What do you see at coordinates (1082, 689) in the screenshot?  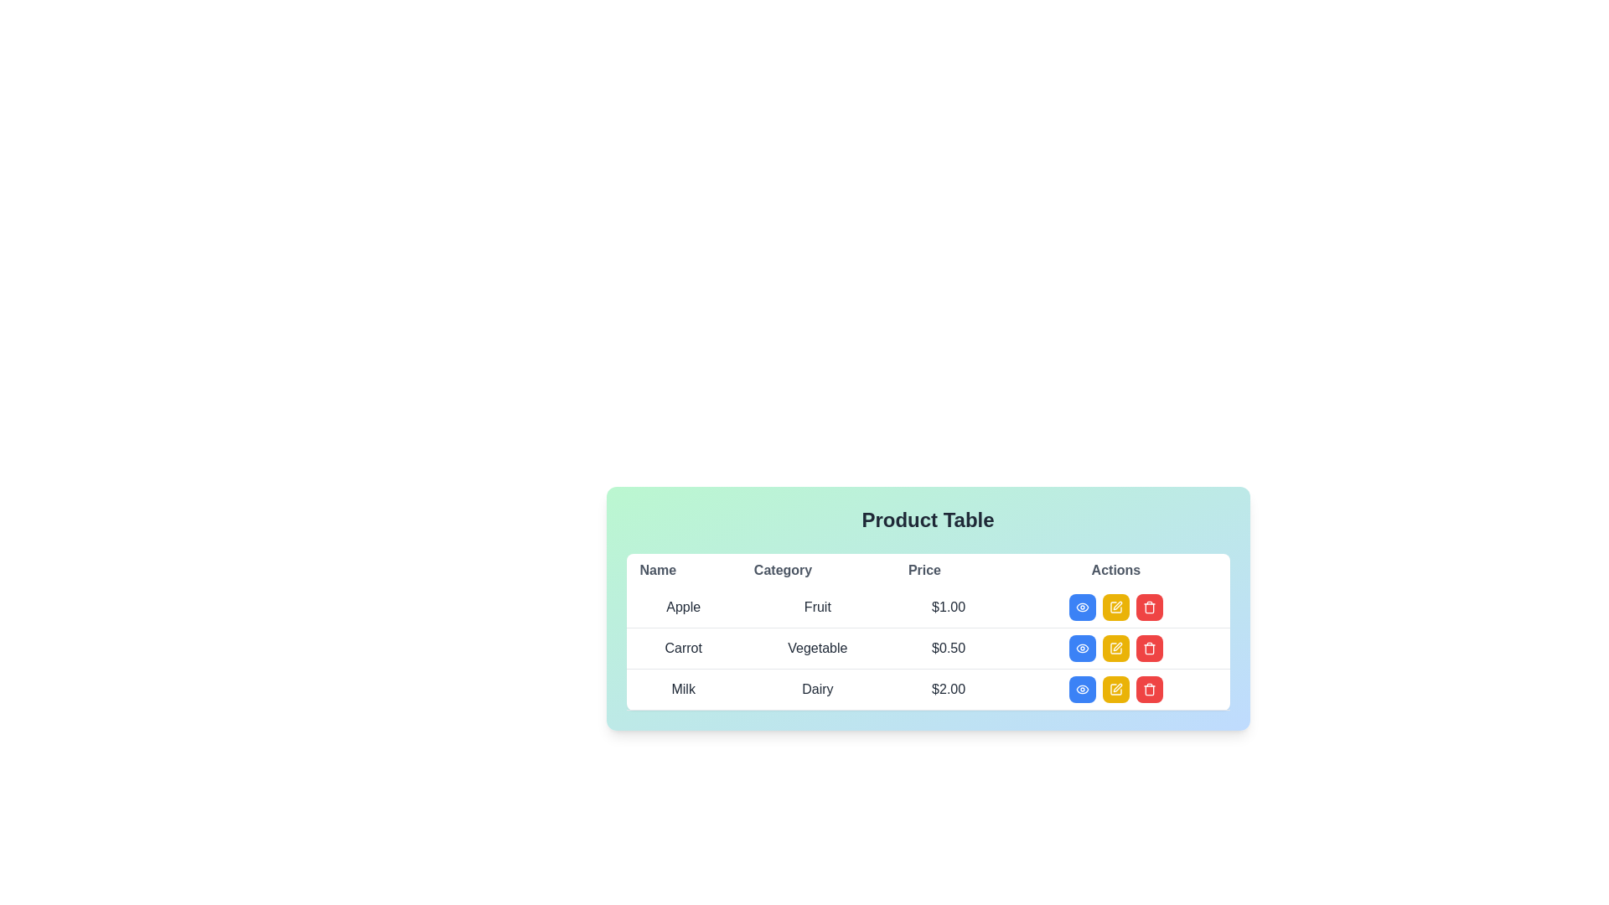 I see `the eye-like icon in the 'Actions' column of the last row in the 'Product Table'` at bounding box center [1082, 689].